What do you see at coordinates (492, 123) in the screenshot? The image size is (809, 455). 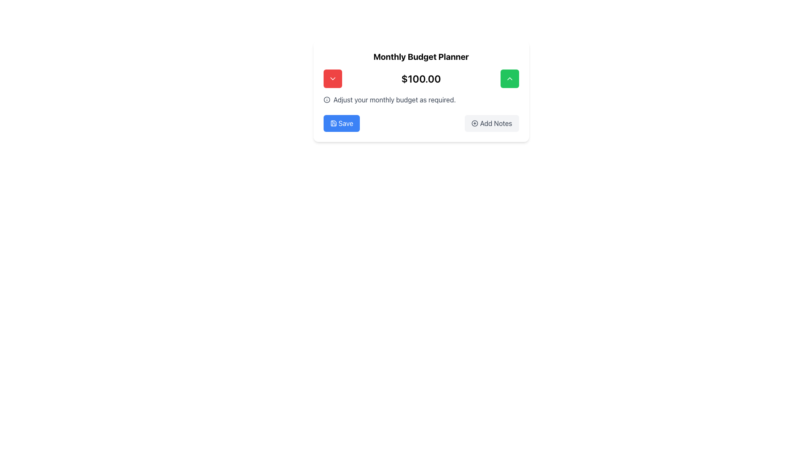 I see `the 'Add Notes' button, which is a rectangular button with rounded corners, light gray background, dark gray text, and a '+' icon to the left of the text` at bounding box center [492, 123].